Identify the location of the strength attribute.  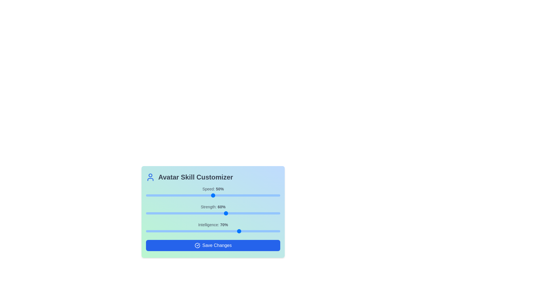
(200, 213).